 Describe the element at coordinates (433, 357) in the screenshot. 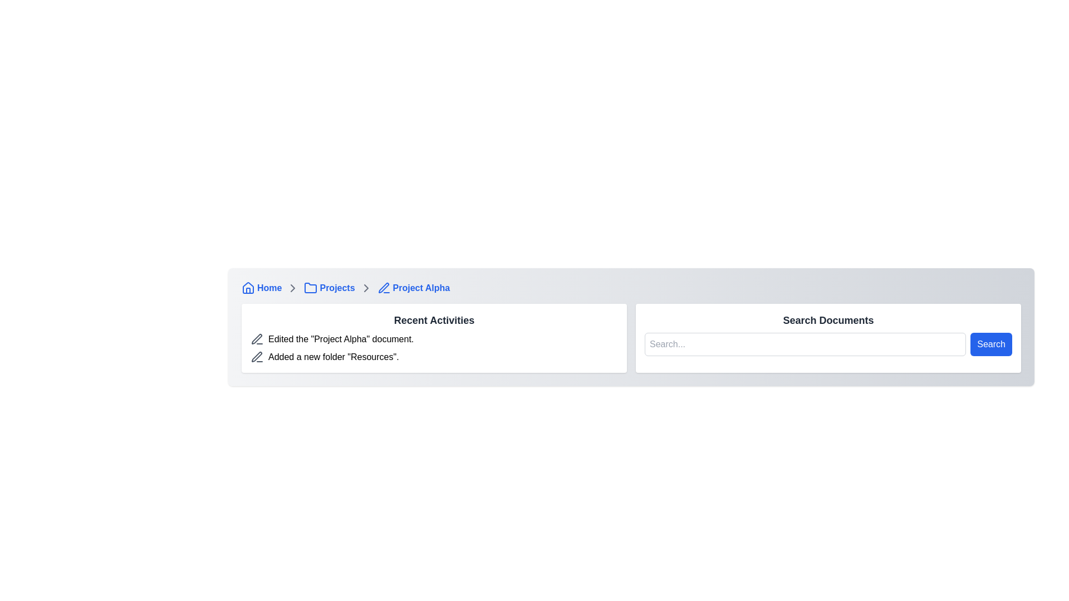

I see `the text message stating 'Added a new folder "Resources".' located in the second position of the 'Recent Activities' section, beneath the entry for 'Edited the "Project Alpha" document.'` at that location.